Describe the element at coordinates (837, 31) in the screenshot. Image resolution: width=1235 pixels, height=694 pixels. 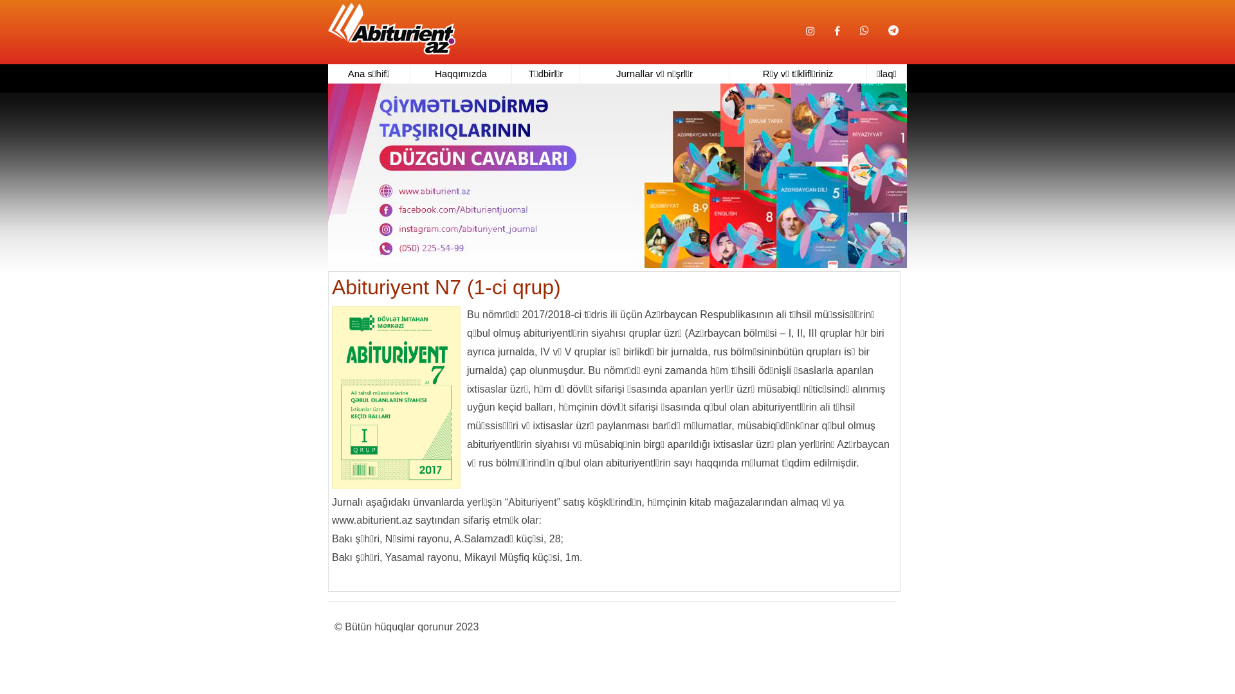
I see `'Facebook'` at that location.